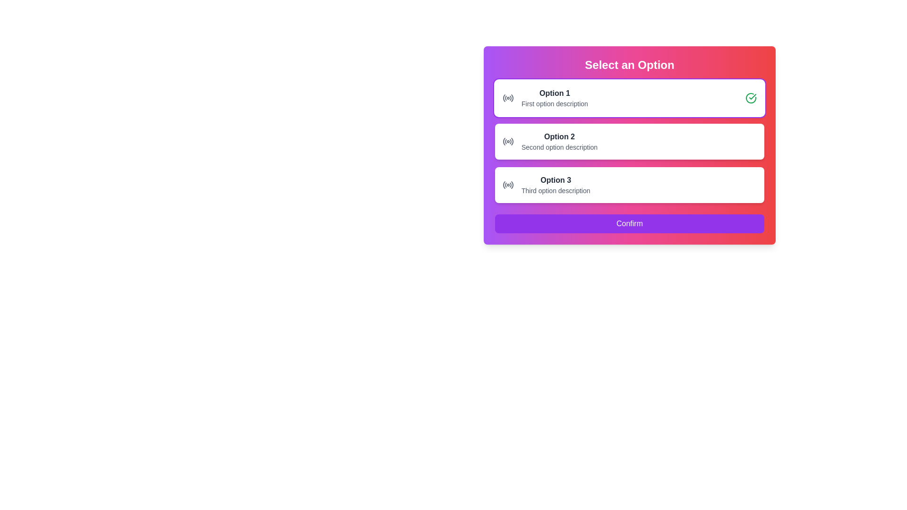 The image size is (907, 510). Describe the element at coordinates (630, 185) in the screenshot. I see `the third selectable option card in the vertical list` at that location.